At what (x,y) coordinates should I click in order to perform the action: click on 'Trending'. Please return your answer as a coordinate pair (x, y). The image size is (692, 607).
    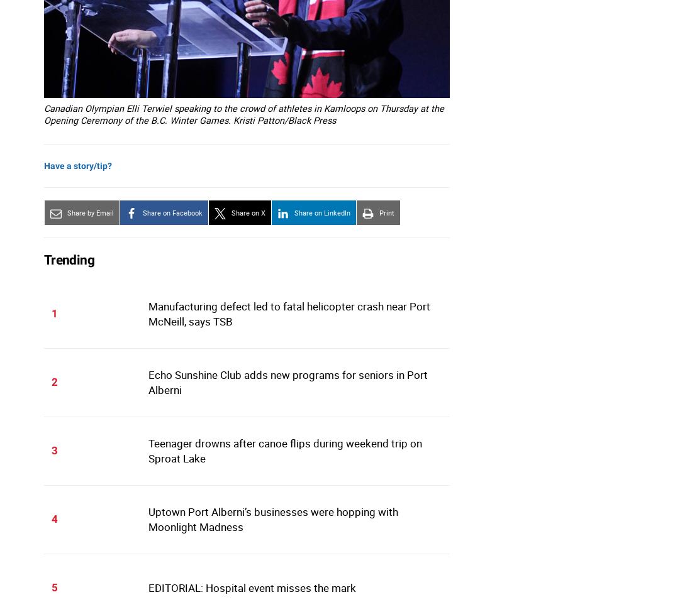
    Looking at the image, I should click on (69, 259).